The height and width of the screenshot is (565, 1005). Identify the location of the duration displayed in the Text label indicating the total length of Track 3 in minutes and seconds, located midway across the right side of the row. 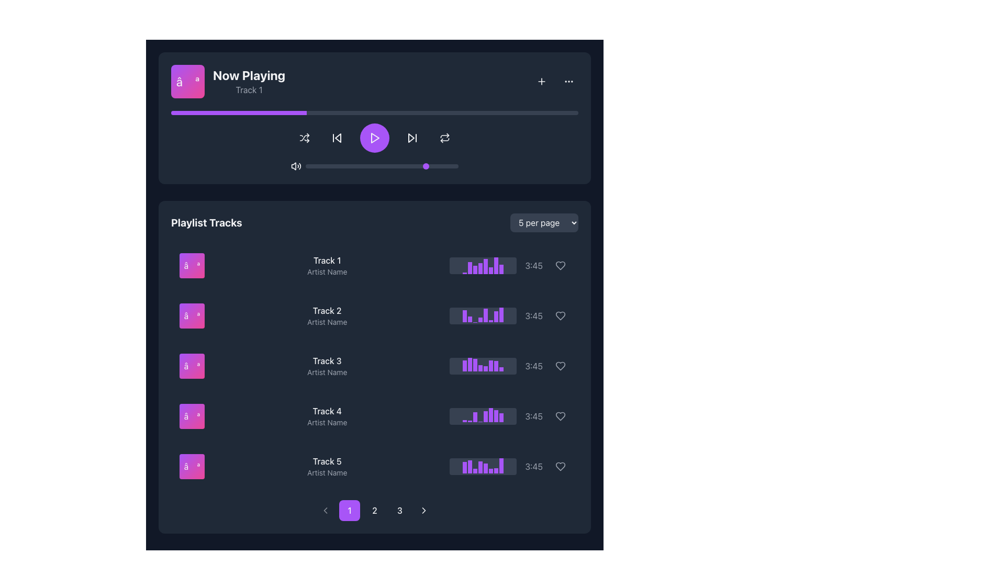
(510, 365).